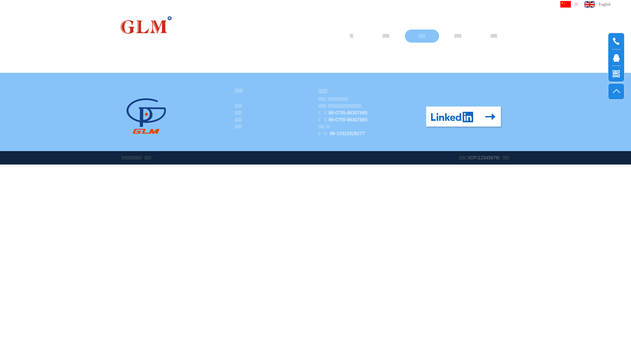 The image size is (631, 354). What do you see at coordinates (597, 4) in the screenshot?
I see `'English'` at bounding box center [597, 4].